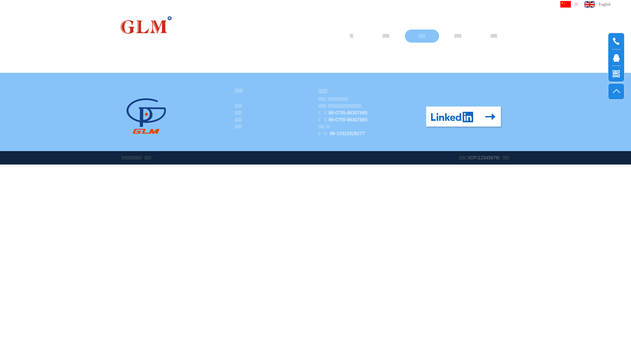 The image size is (631, 354). What do you see at coordinates (597, 4) in the screenshot?
I see `'English'` at bounding box center [597, 4].